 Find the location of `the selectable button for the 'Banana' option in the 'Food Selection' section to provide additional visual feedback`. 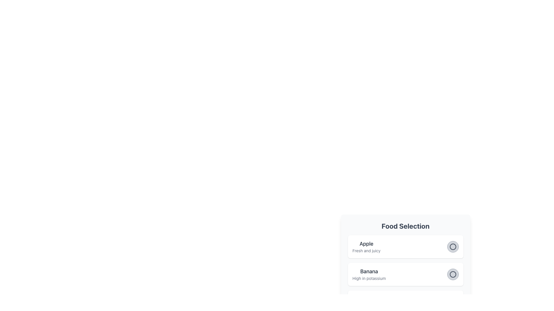

the selectable button for the 'Banana' option in the 'Food Selection' section to provide additional visual feedback is located at coordinates (452, 274).